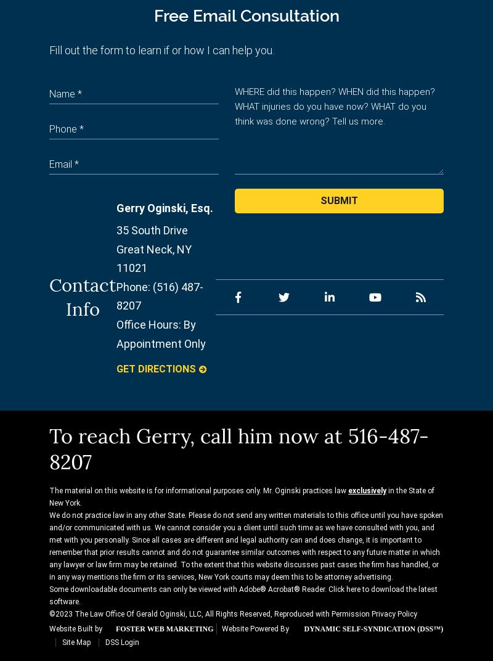 The height and width of the screenshot is (661, 493). What do you see at coordinates (133, 285) in the screenshot?
I see `'Phone:'` at bounding box center [133, 285].